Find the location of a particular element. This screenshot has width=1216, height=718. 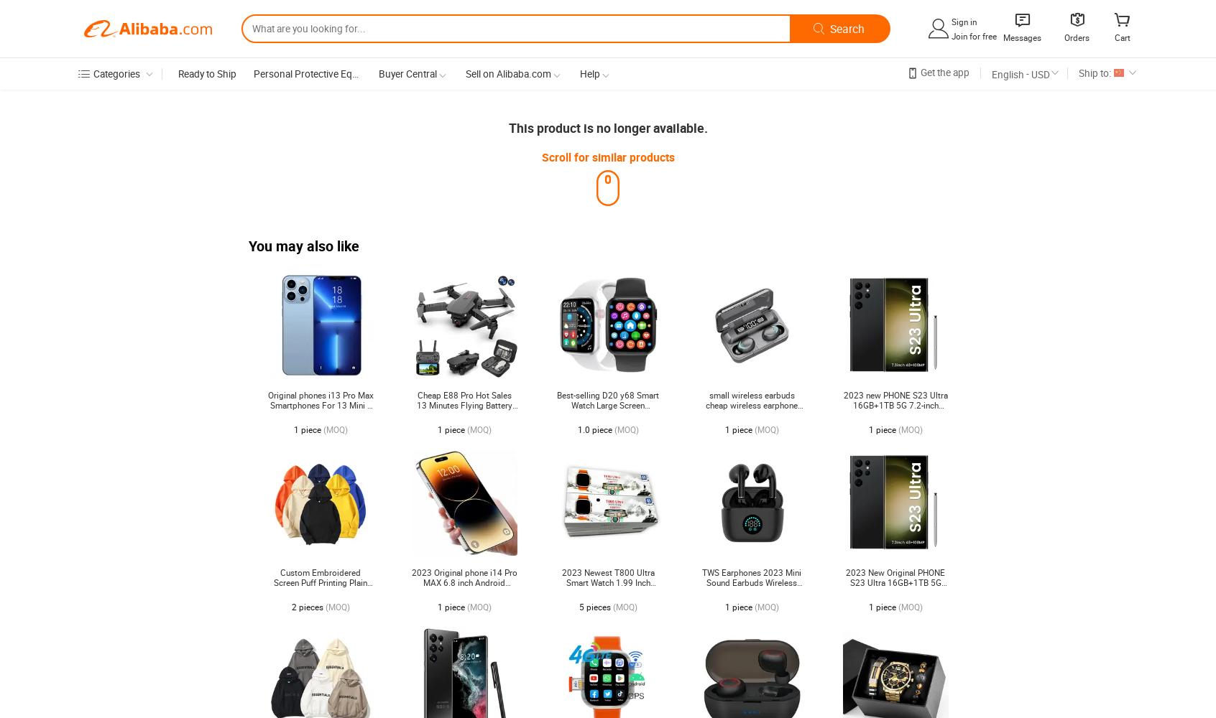

'5 pieces' is located at coordinates (579, 607).